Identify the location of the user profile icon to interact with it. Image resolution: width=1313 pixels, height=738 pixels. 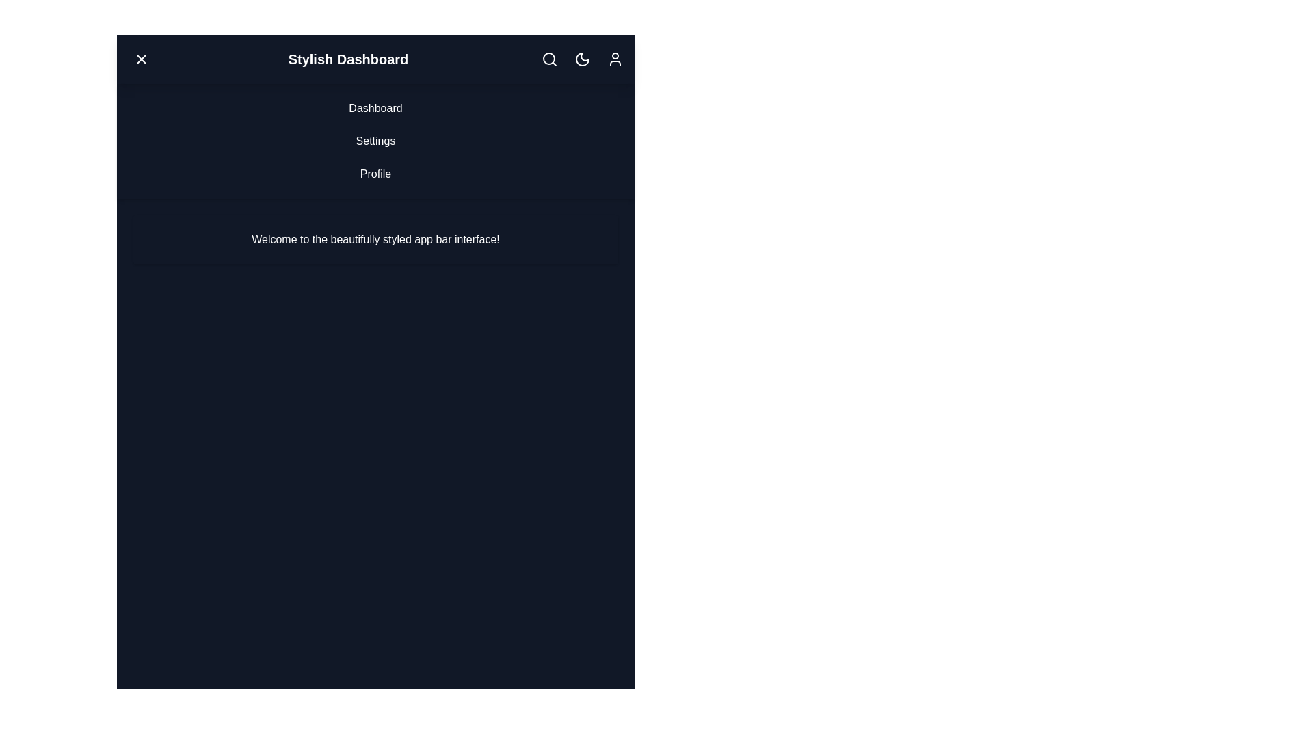
(614, 59).